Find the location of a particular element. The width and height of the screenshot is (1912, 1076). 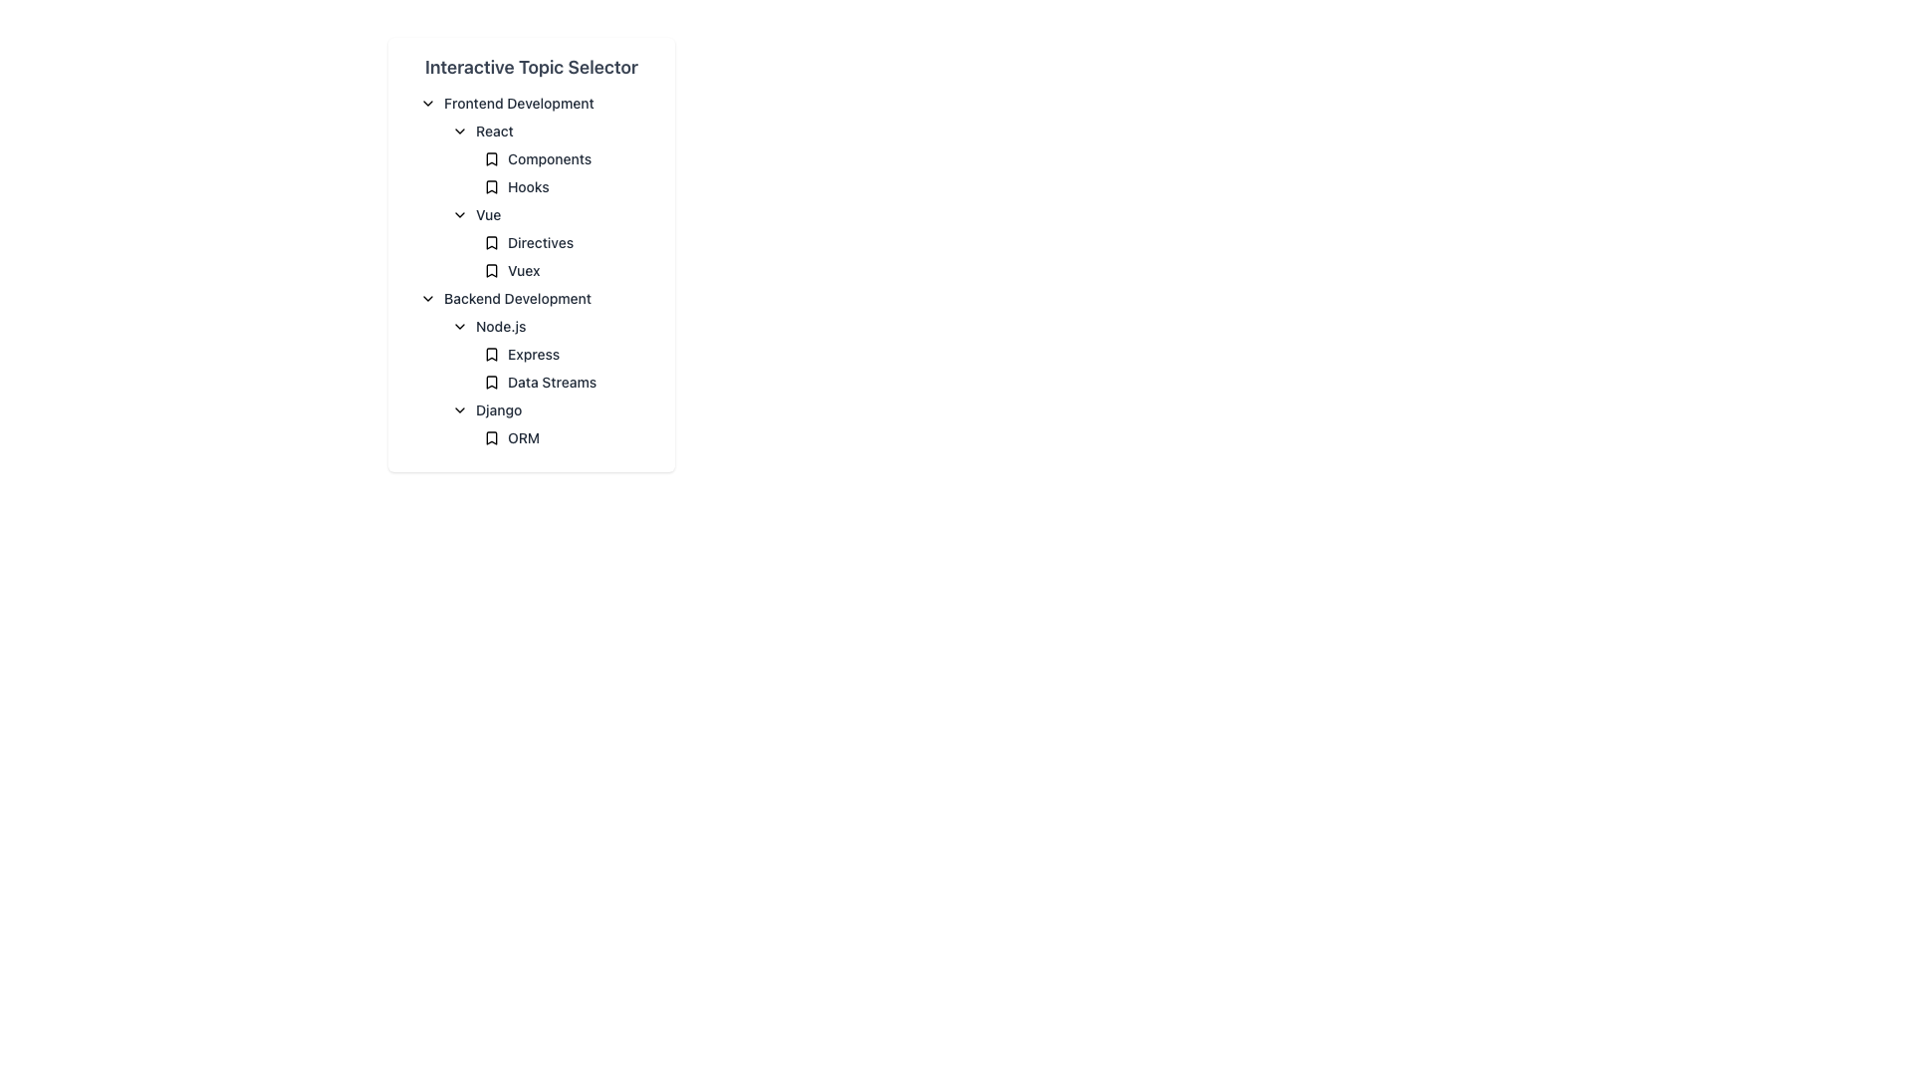

the bookmark-shaped icon located to the left of the 'Directives' text in the 'Vue' subsection of the Interactive Topic Selector is located at coordinates (492, 241).